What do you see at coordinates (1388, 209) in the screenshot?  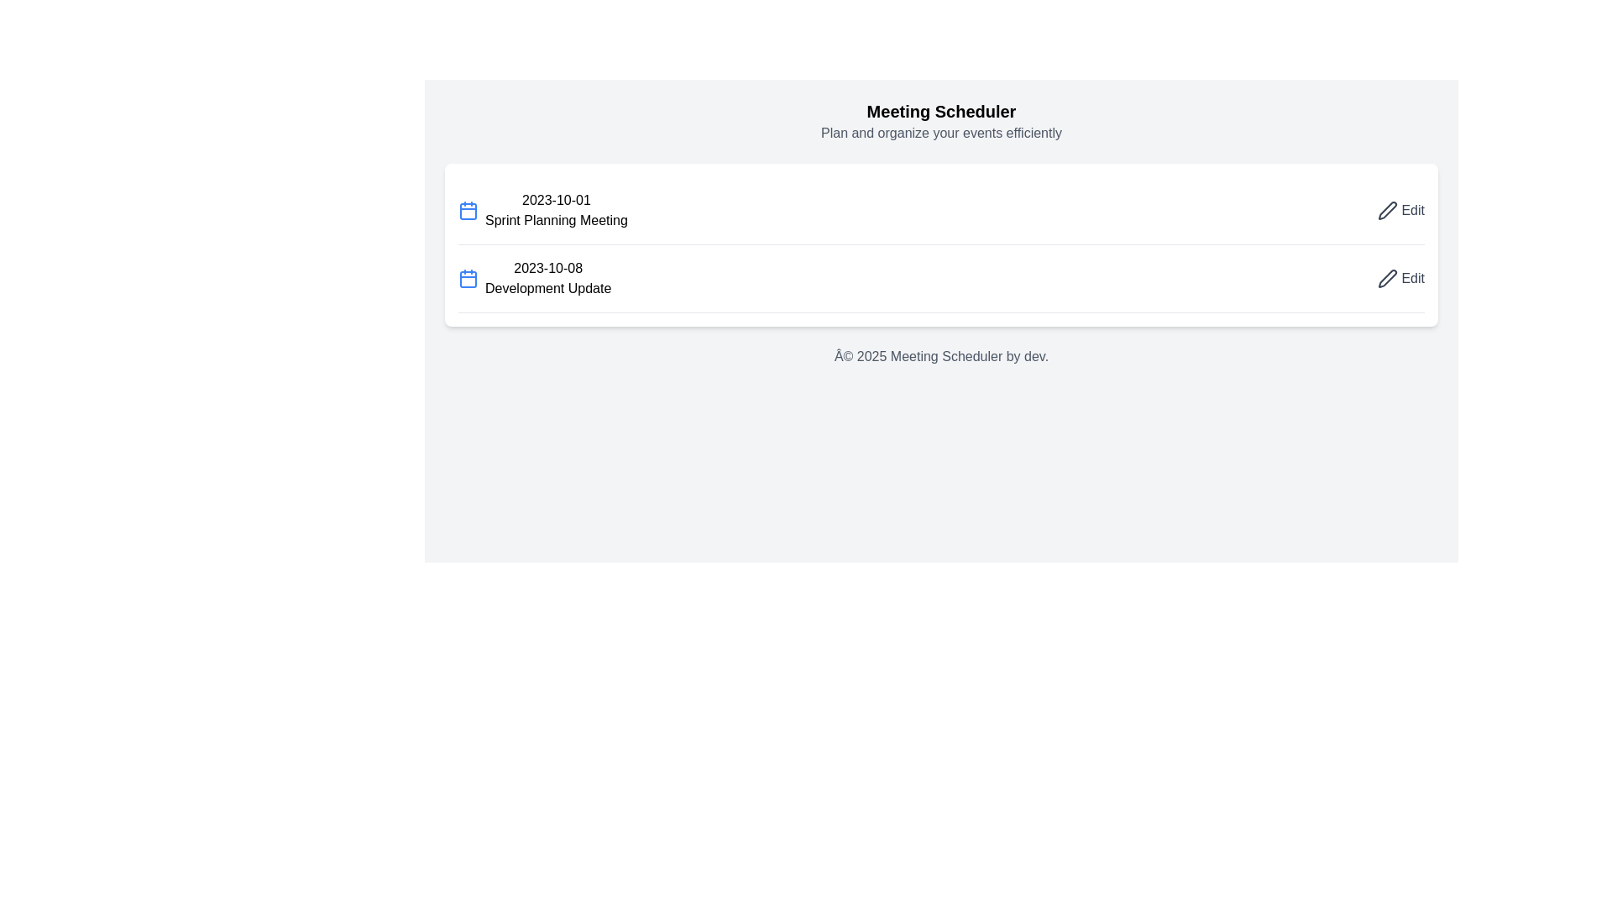 I see `the edit button icon located in the top-right corner of the interface, right before the text 'Edit'` at bounding box center [1388, 209].